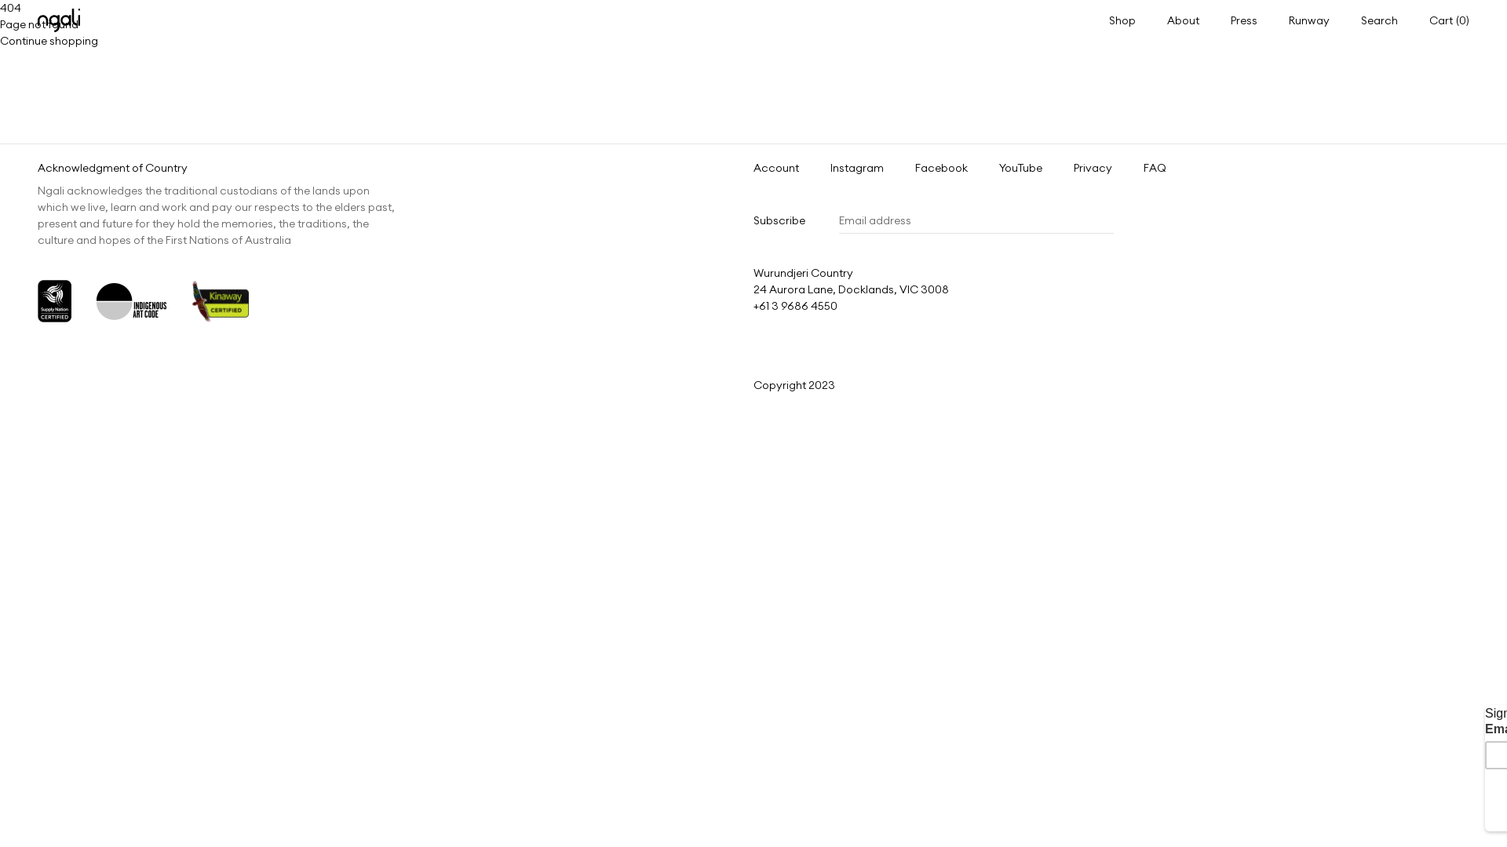 The image size is (1507, 847). What do you see at coordinates (775, 168) in the screenshot?
I see `'Account'` at bounding box center [775, 168].